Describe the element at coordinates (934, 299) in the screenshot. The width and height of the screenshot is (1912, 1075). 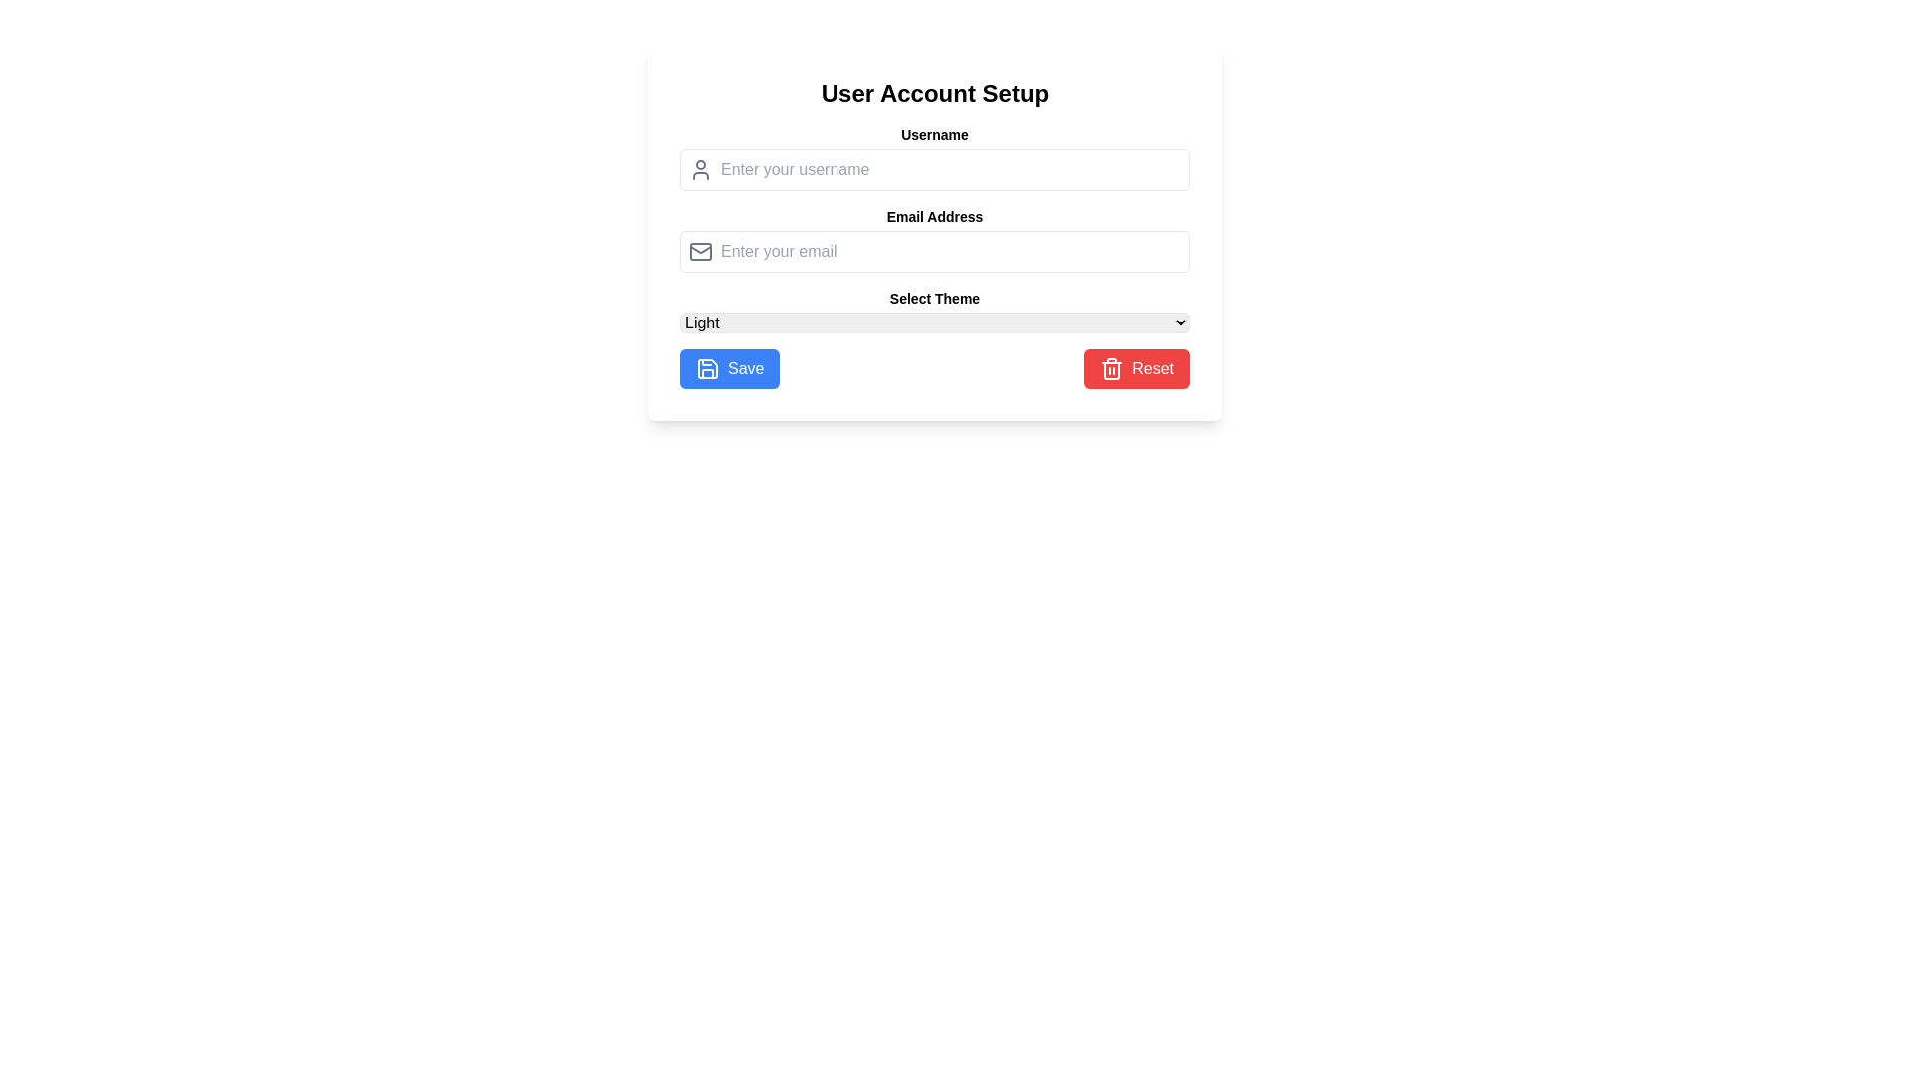
I see `the 'Select Theme' label, which is a bold text label positioned above the dropdown menu for theme selection` at that location.